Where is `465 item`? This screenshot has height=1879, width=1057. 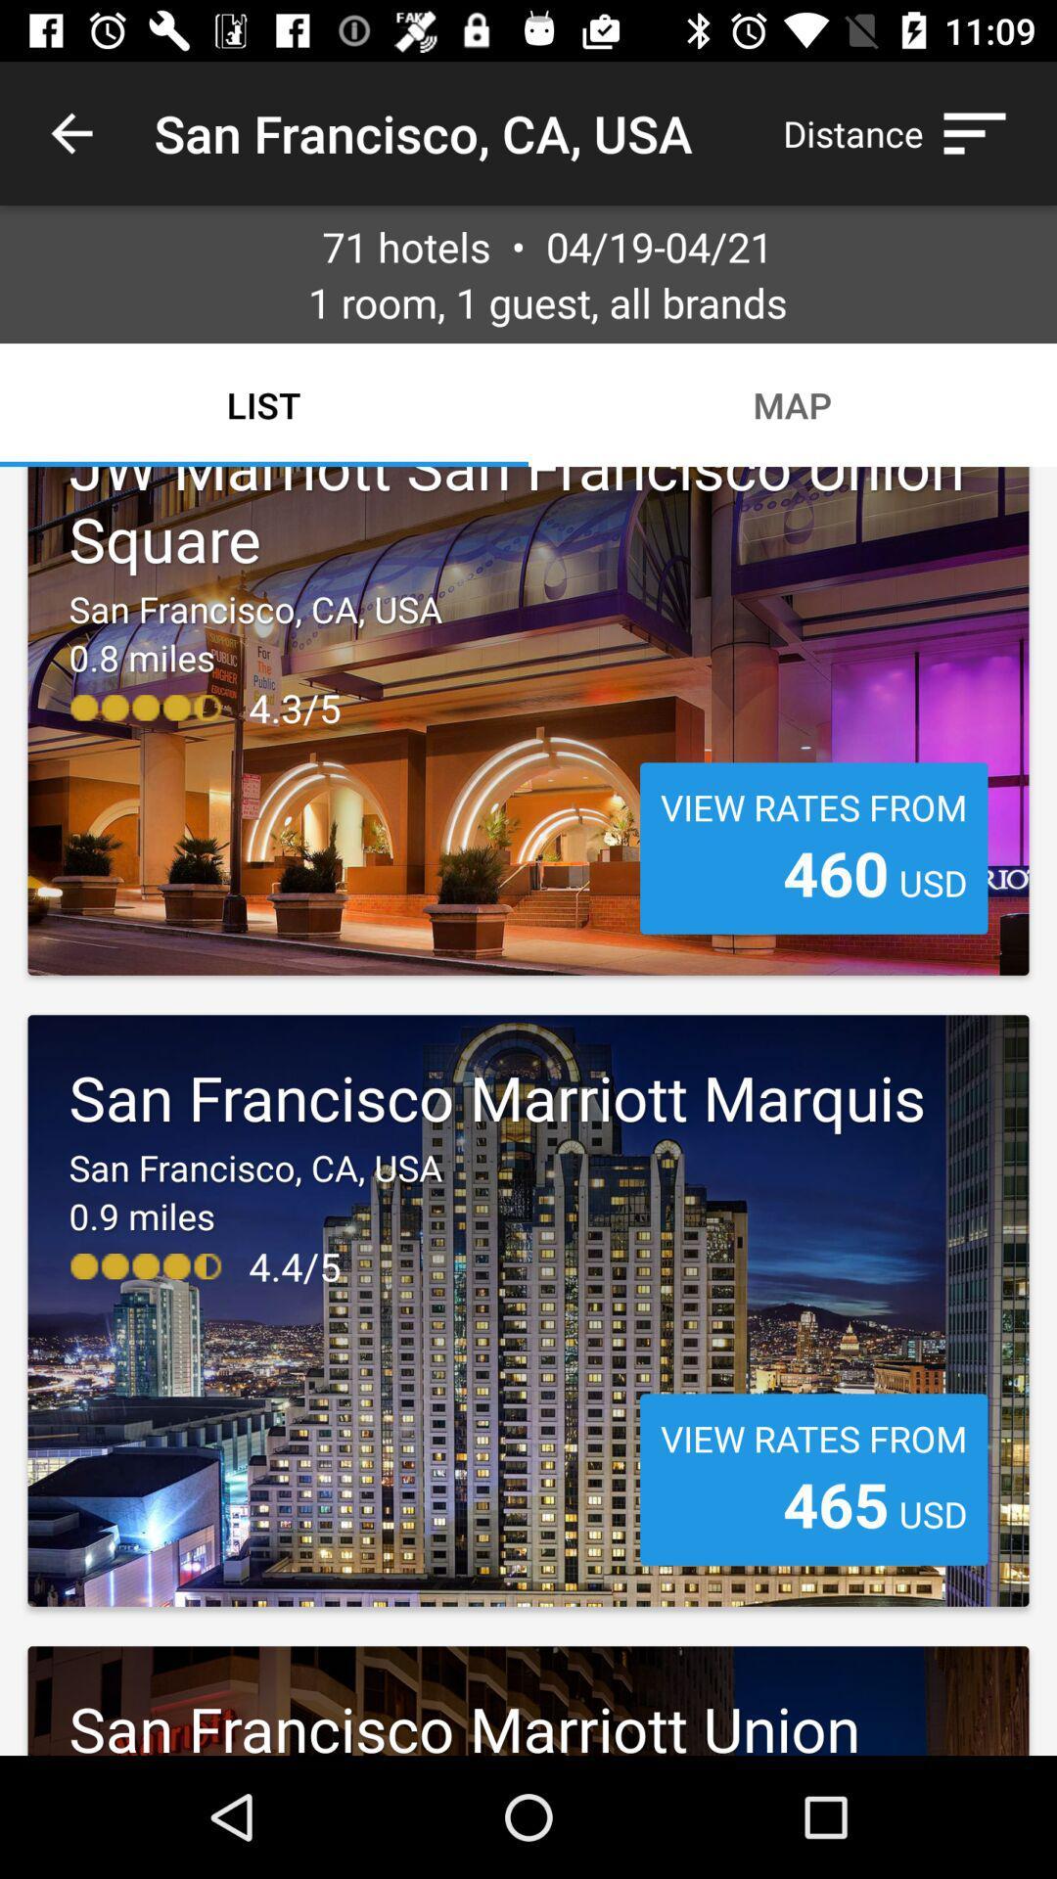
465 item is located at coordinates (836, 1502).